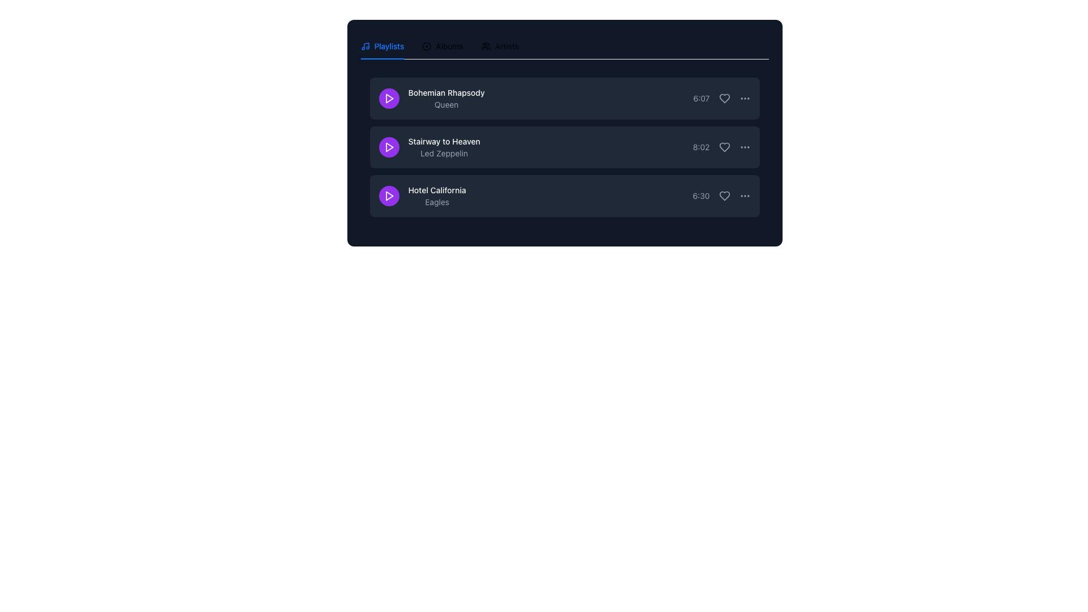 The image size is (1088, 612). What do you see at coordinates (745, 195) in the screenshot?
I see `the ellipsis icon` at bounding box center [745, 195].